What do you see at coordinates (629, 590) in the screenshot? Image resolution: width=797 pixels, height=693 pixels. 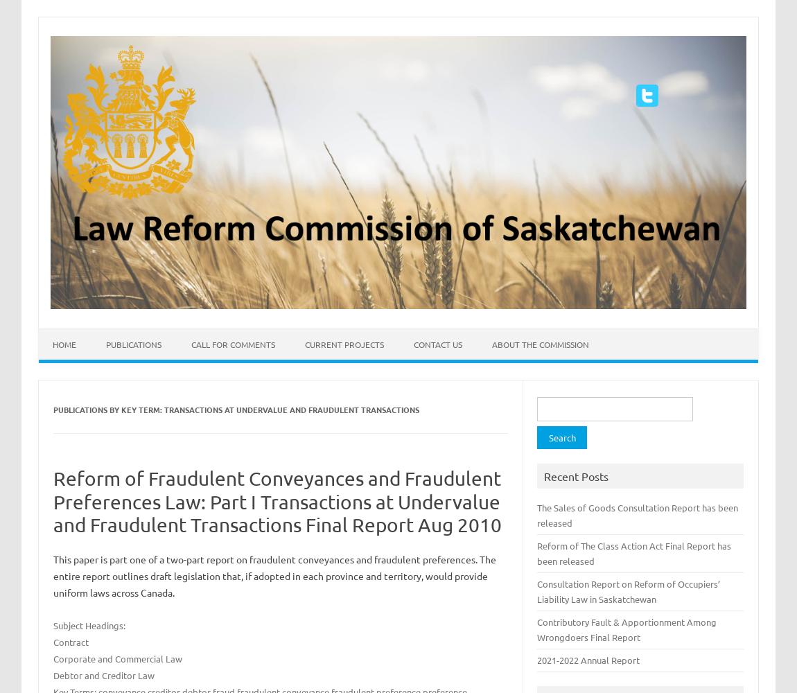 I see `'Consultation Report on Reform of Occupiers’ Liability Law in Saskatchewan'` at bounding box center [629, 590].